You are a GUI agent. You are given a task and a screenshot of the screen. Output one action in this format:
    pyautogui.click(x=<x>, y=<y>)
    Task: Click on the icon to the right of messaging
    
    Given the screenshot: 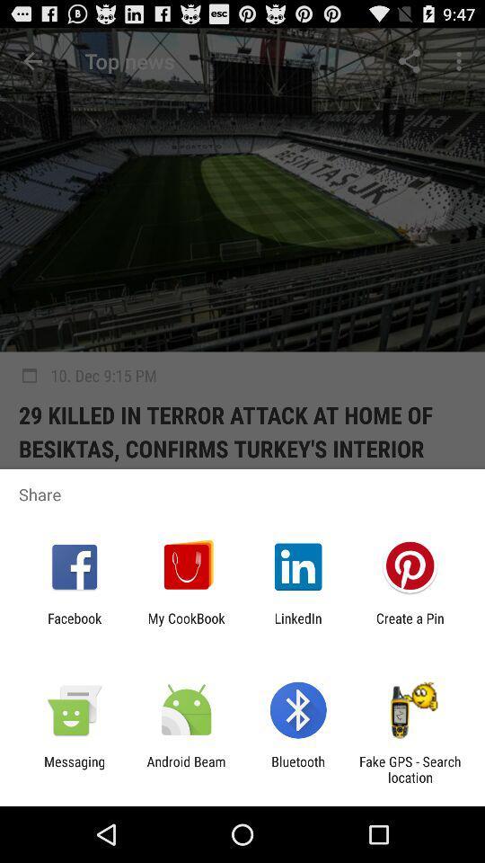 What is the action you would take?
    pyautogui.click(x=185, y=769)
    